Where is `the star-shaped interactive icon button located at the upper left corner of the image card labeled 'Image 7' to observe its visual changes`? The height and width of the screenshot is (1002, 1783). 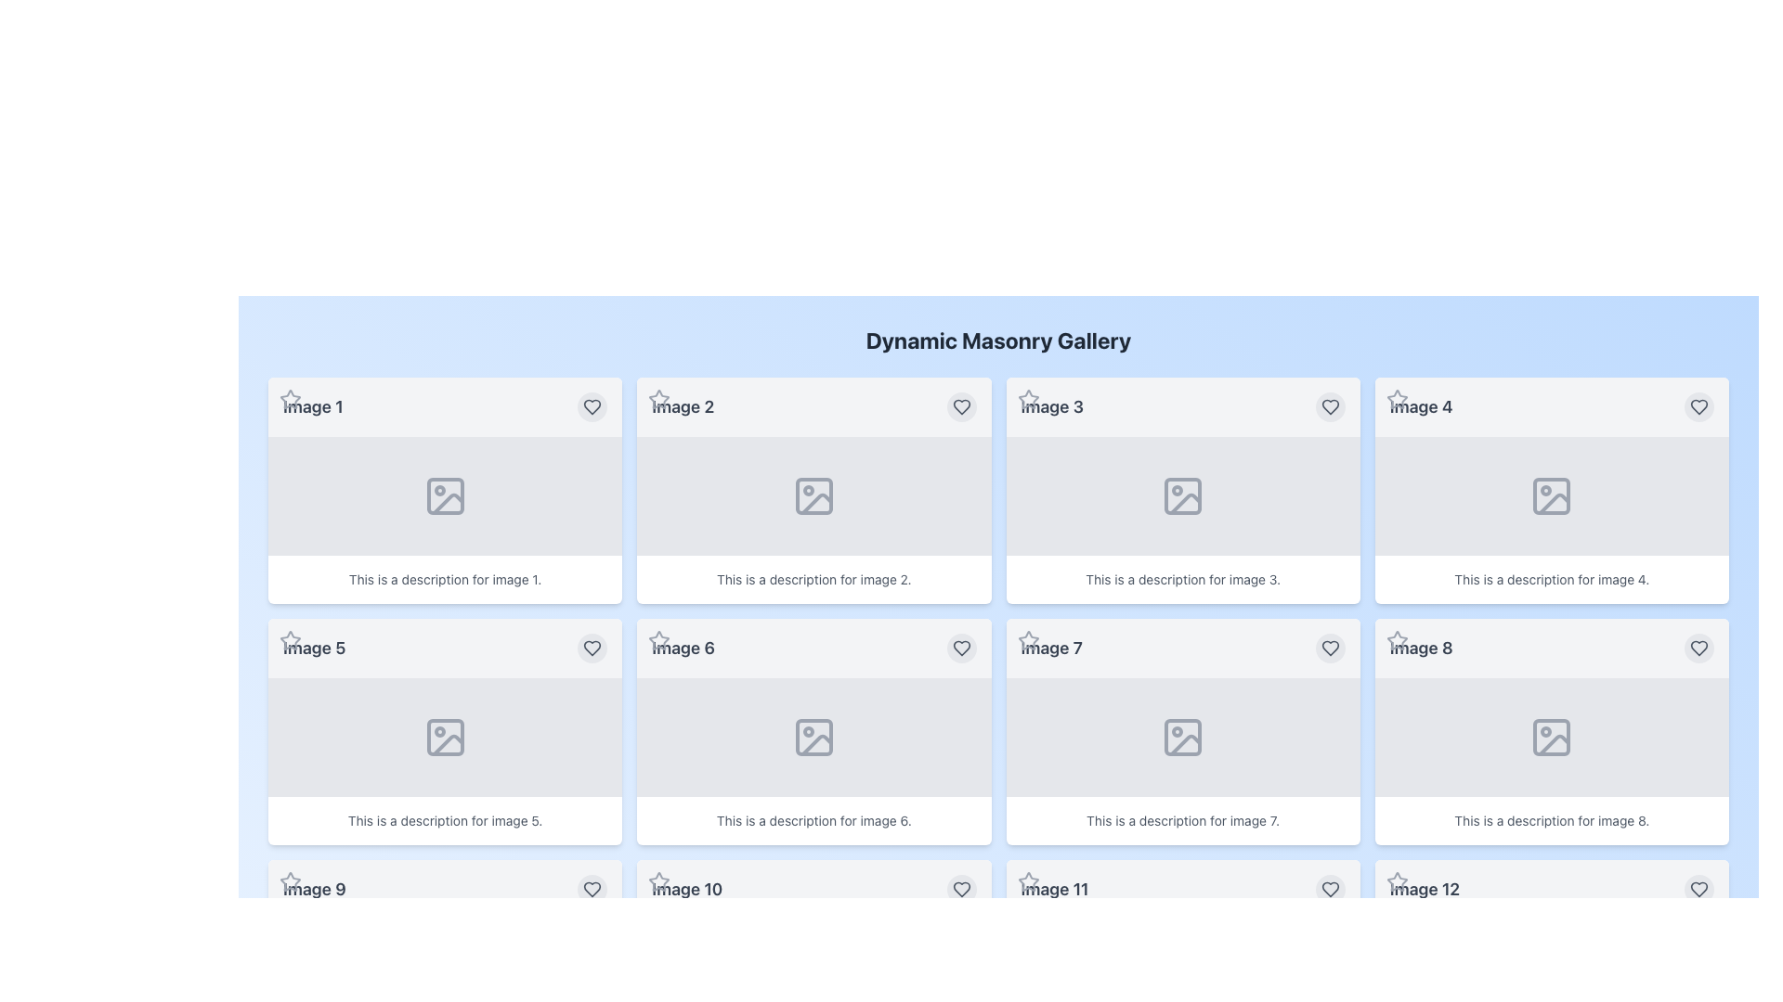
the star-shaped interactive icon button located at the upper left corner of the image card labeled 'Image 7' to observe its visual changes is located at coordinates (1027, 639).